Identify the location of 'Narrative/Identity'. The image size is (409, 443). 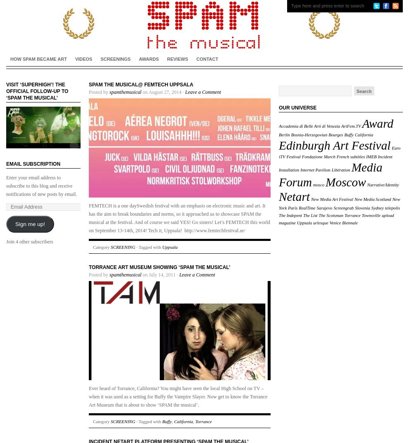
(382, 184).